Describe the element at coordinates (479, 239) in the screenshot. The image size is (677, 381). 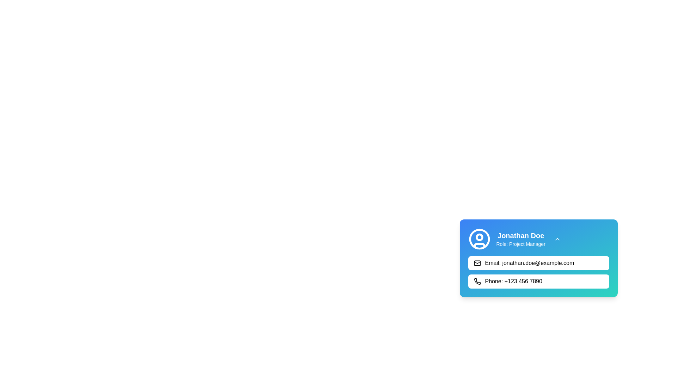
I see `the User profile icon, which visually represents user-related information and is located to the left of the text displaying 'Jonathan Doe' and 'Role: Project Manager'` at that location.